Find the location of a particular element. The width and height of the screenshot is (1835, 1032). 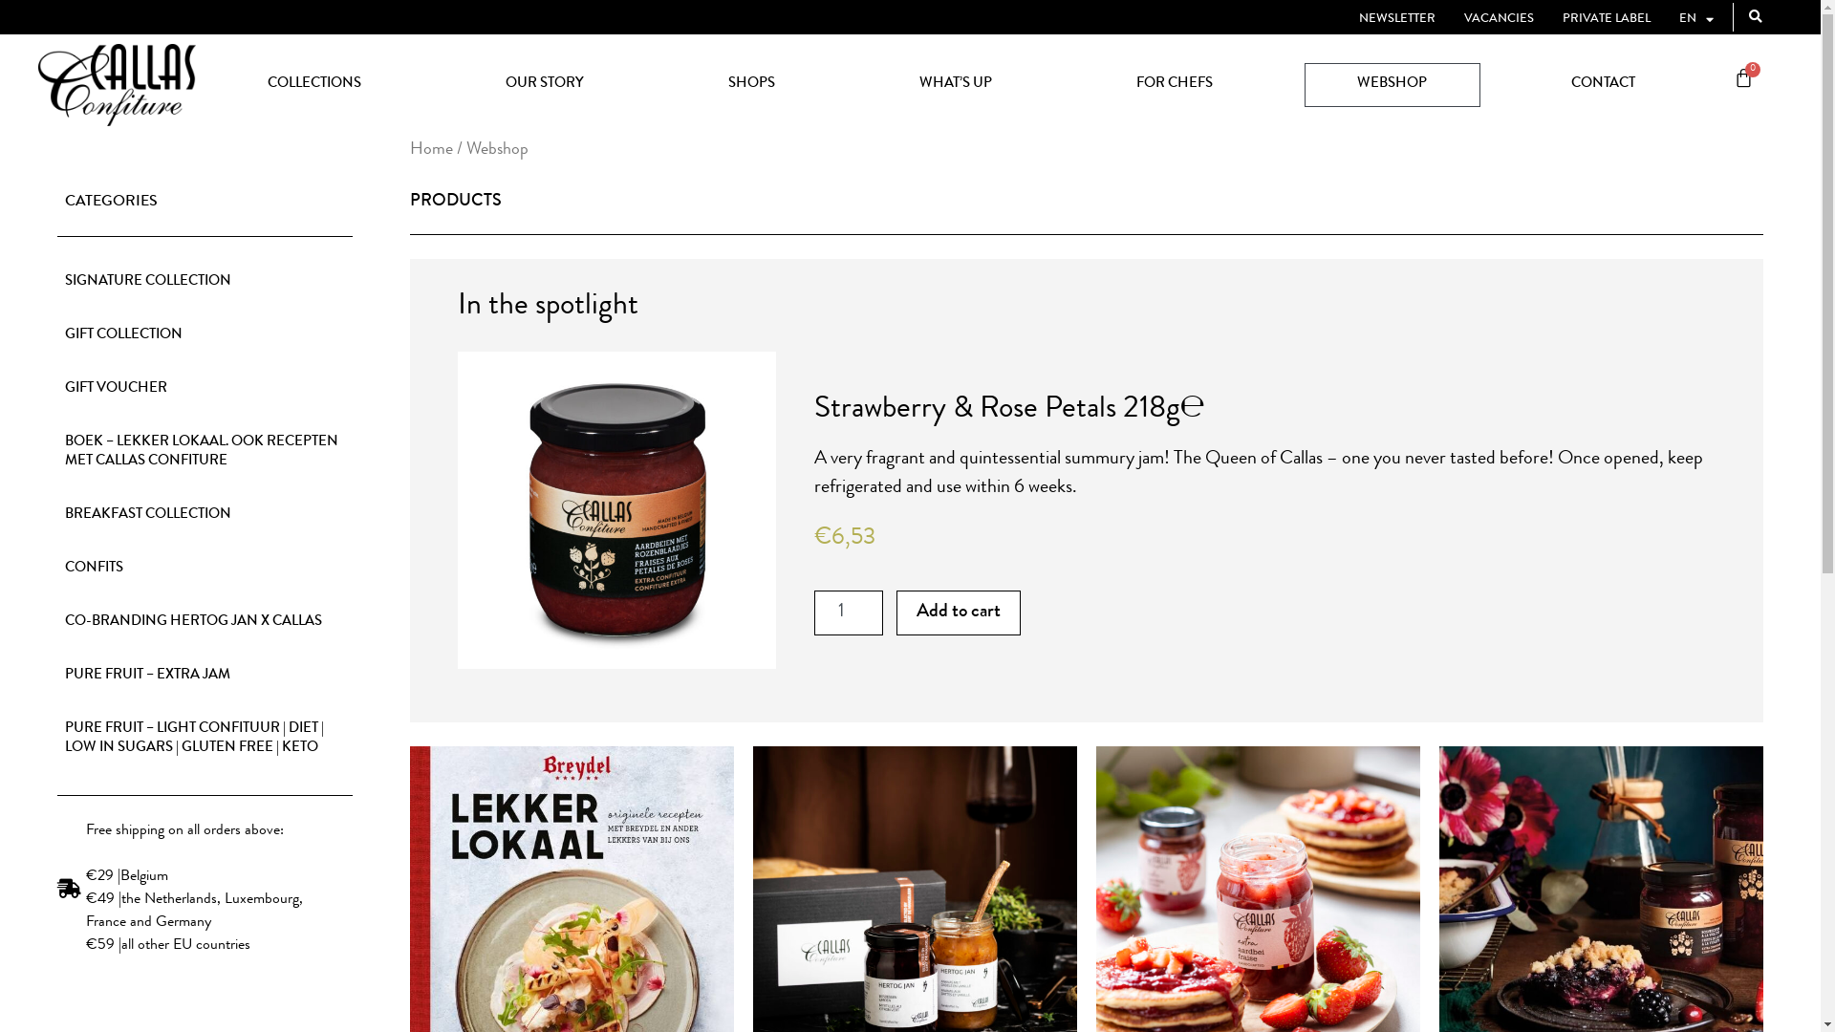

'Home' is located at coordinates (430, 149).